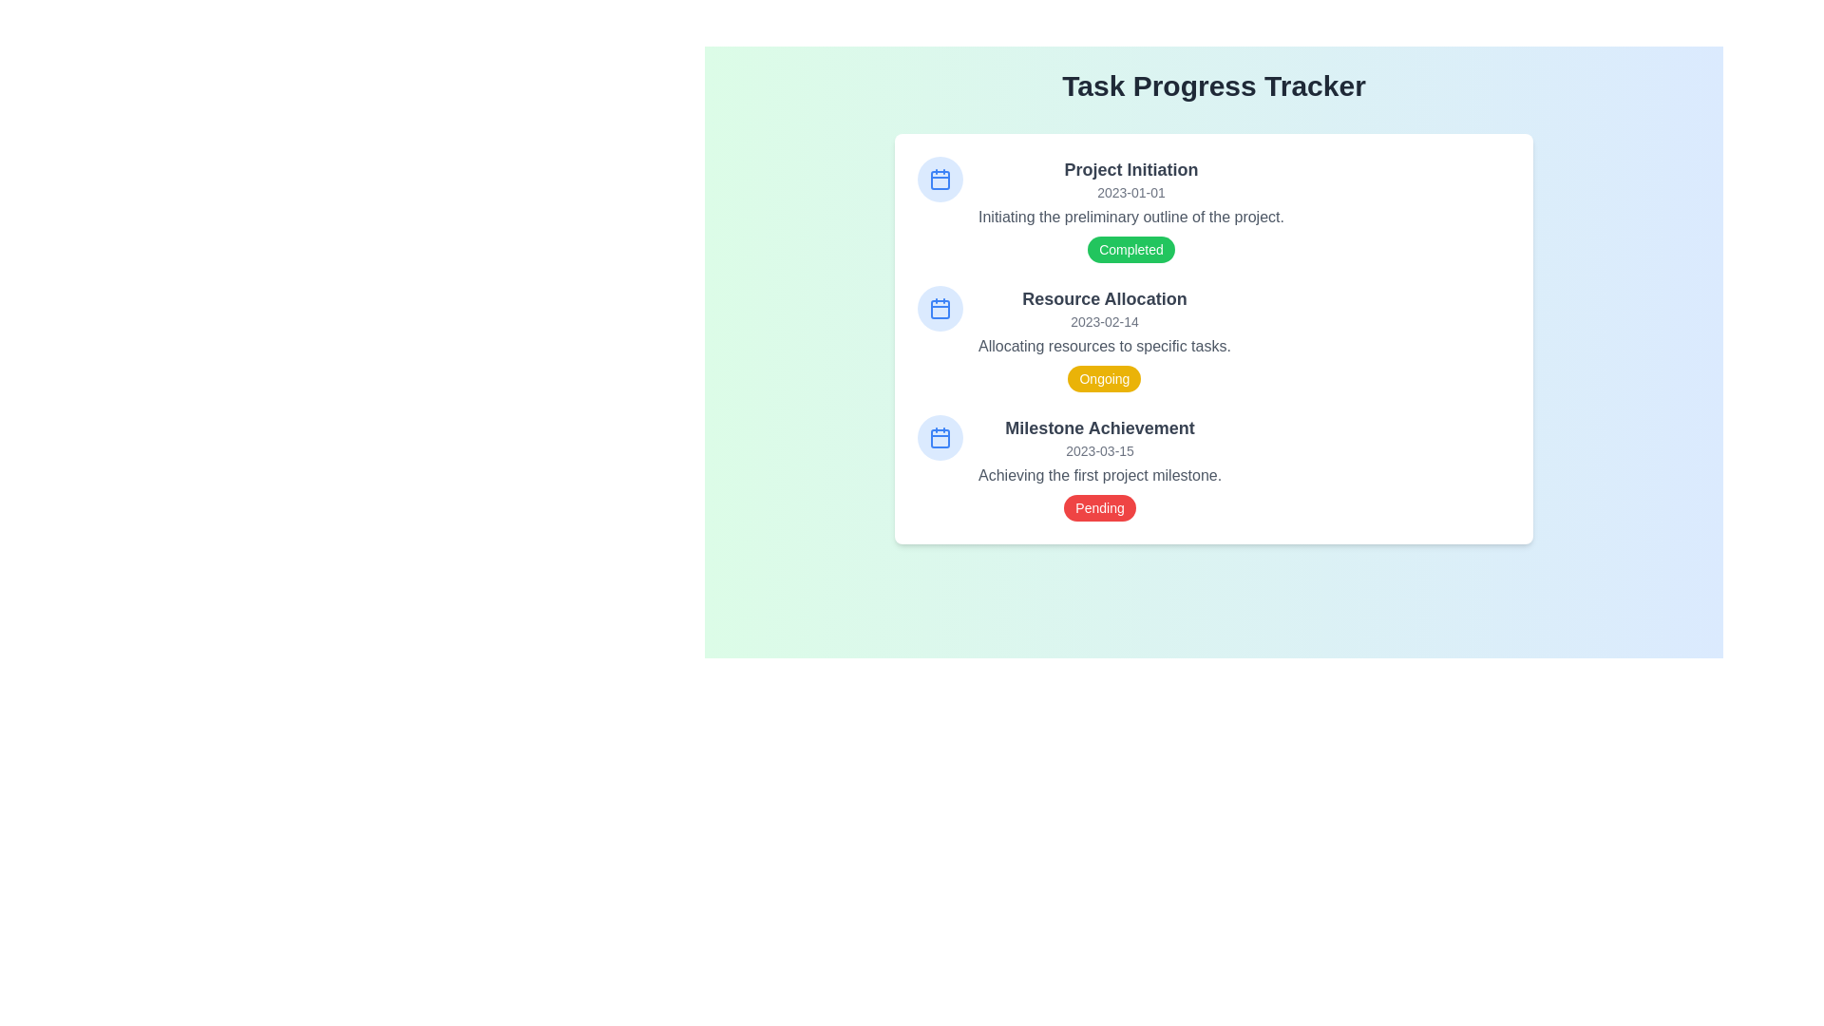  I want to click on the text content that provides additional detail for the 'Project Initiation' item, which is located beneath the date '2023-01-01' and above the status indicator 'Completed', so click(1130, 216).